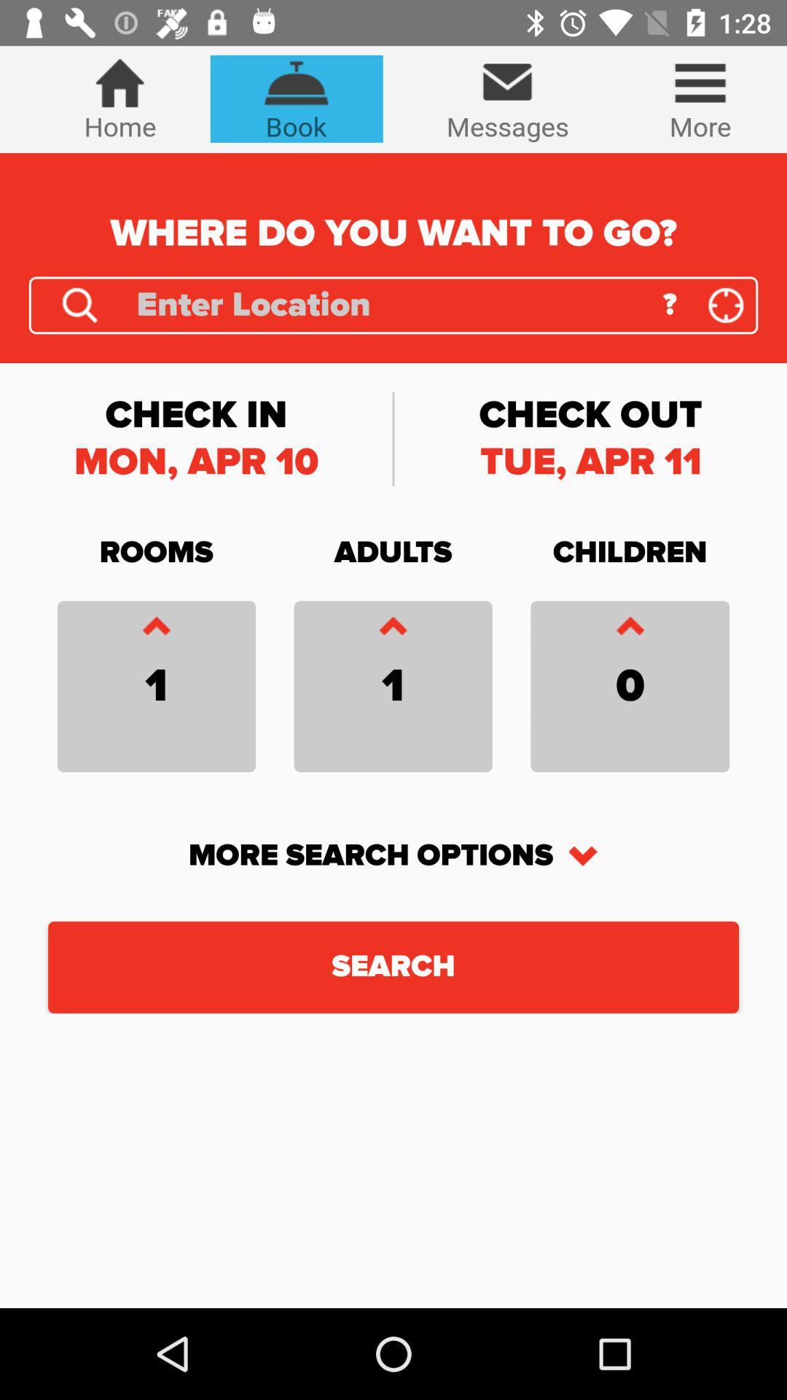 The width and height of the screenshot is (787, 1400). Describe the element at coordinates (726, 304) in the screenshot. I see `locate your location` at that location.